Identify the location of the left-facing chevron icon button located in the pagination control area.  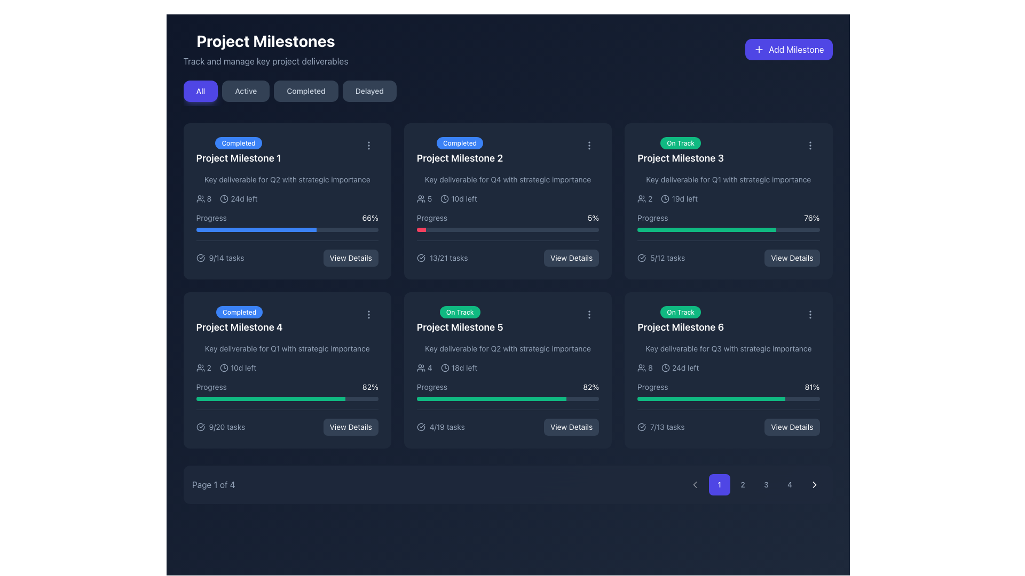
(695, 485).